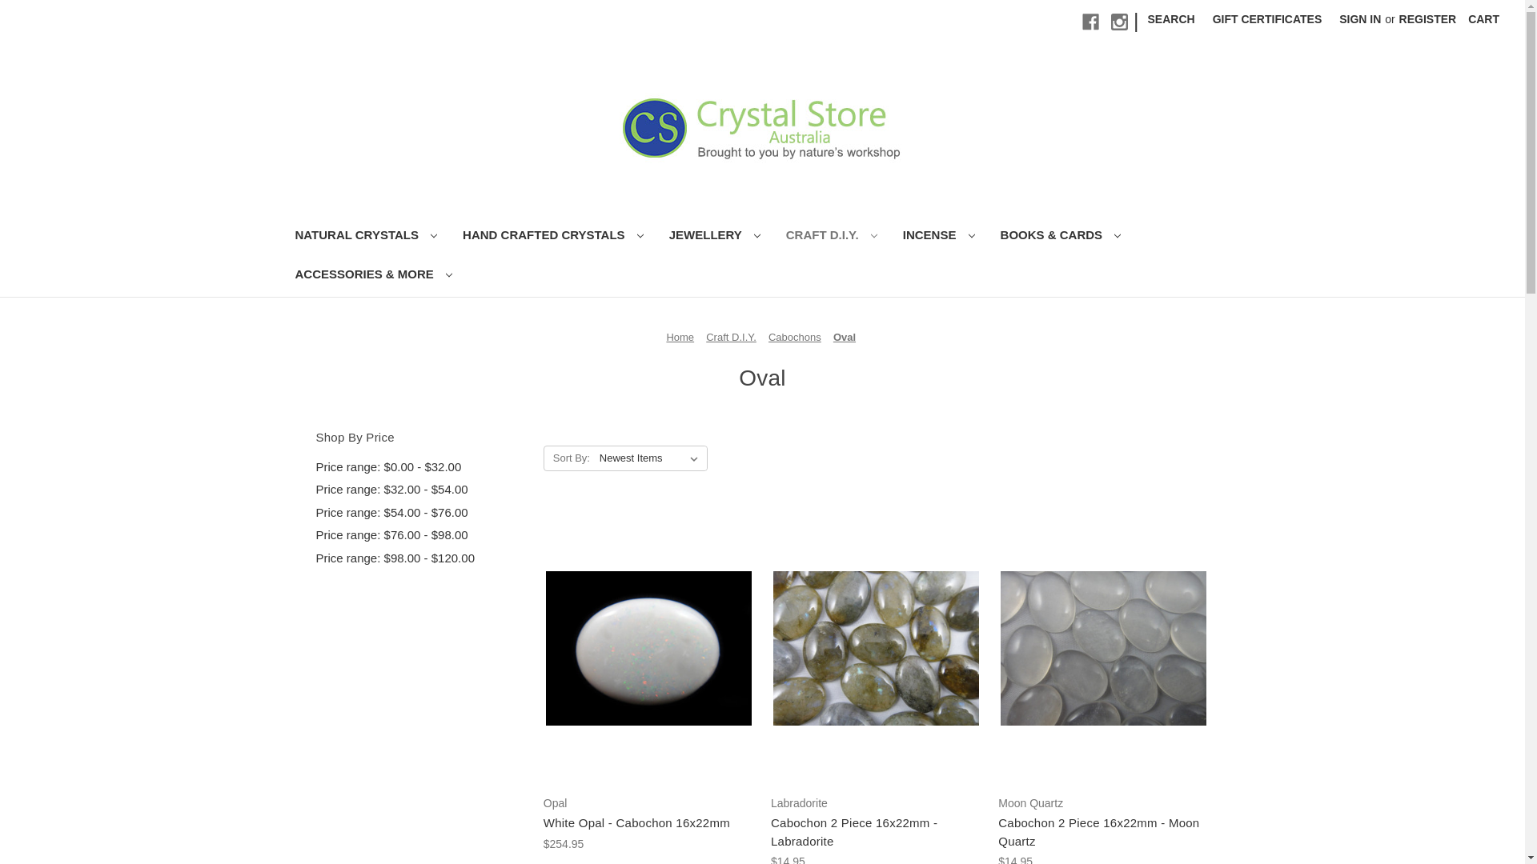 Image resolution: width=1537 pixels, height=864 pixels. What do you see at coordinates (844, 336) in the screenshot?
I see `'Oval'` at bounding box center [844, 336].